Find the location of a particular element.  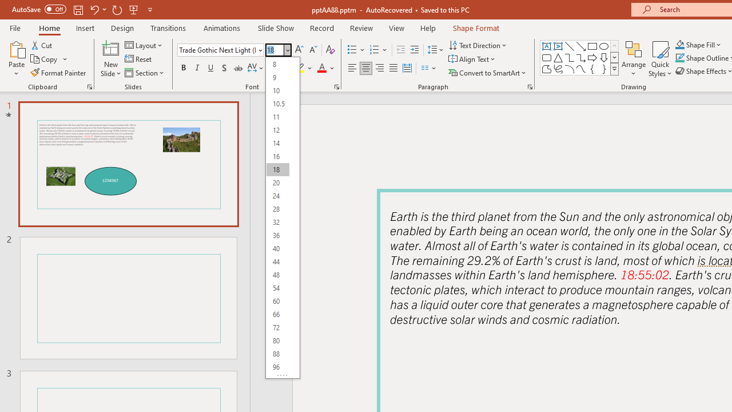

'54' is located at coordinates (277, 287).